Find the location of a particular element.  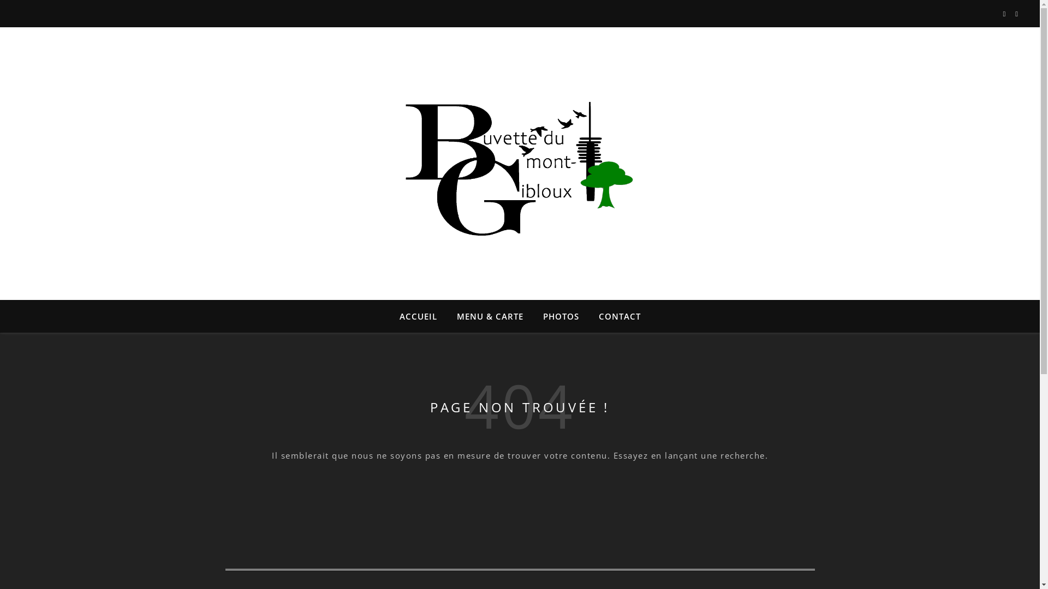

'ACCUEIL' is located at coordinates (422, 316).